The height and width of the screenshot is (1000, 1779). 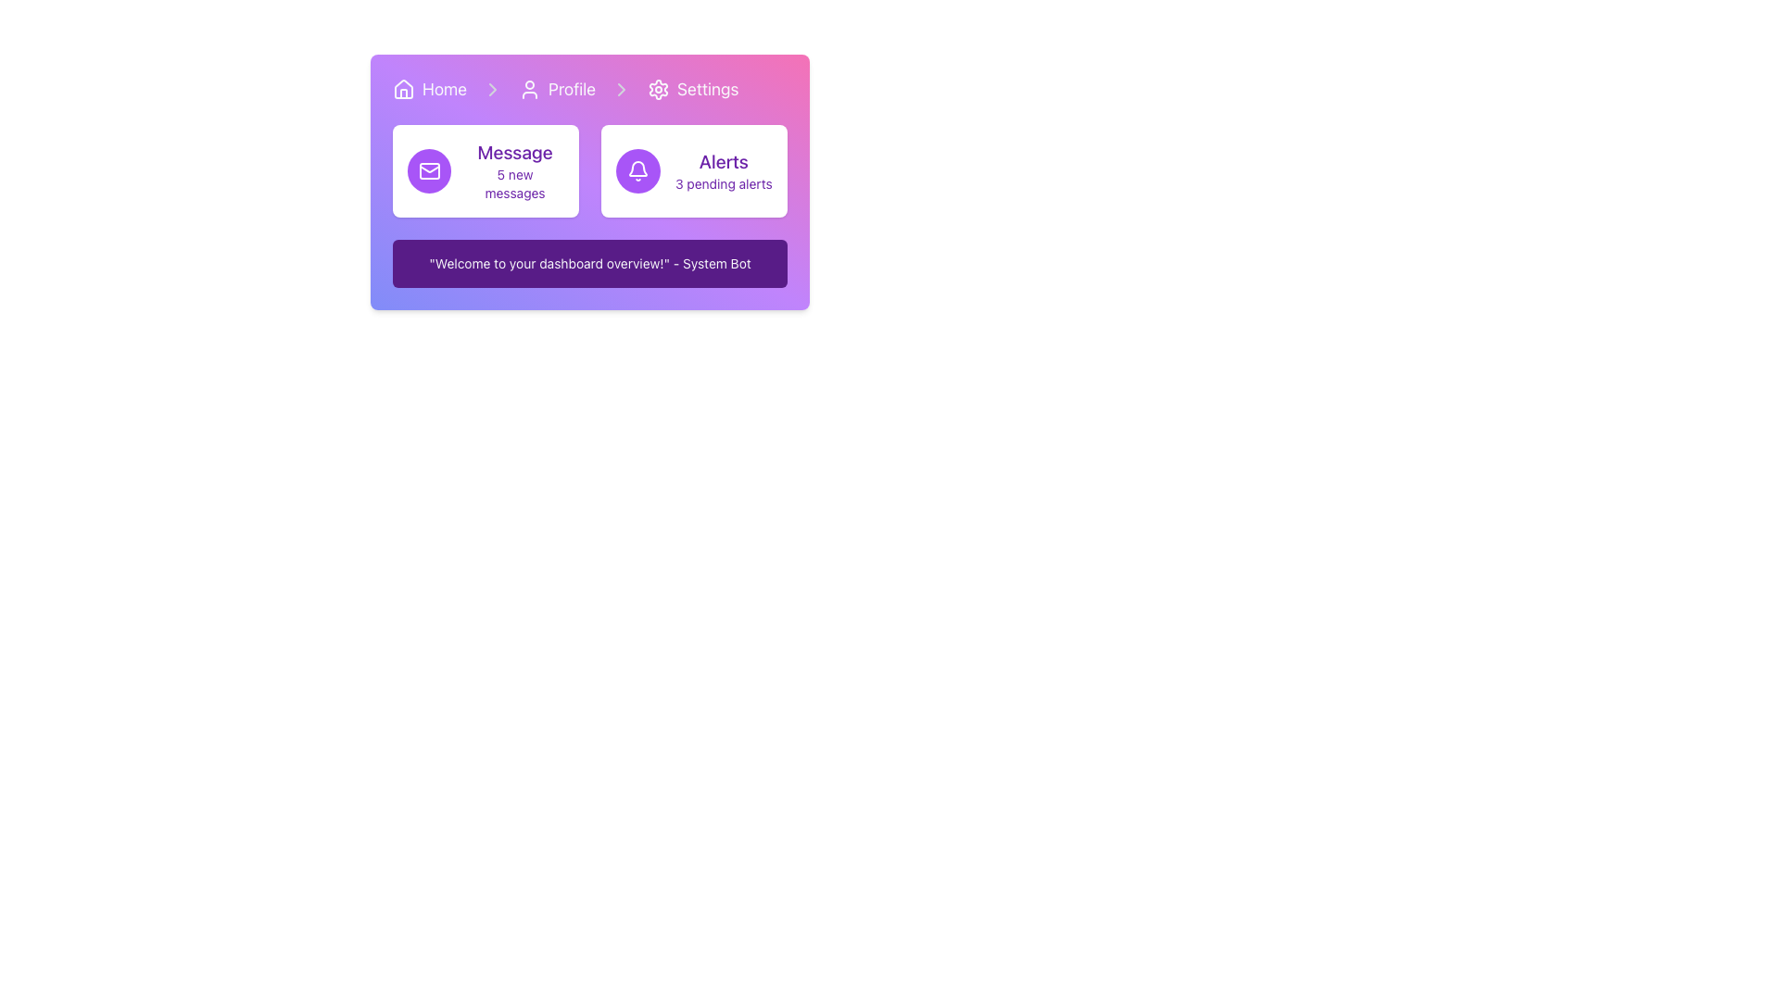 I want to click on 'Home' text label located in the navigation bar, which indicates the homepage section of the interface, so click(x=445, y=89).